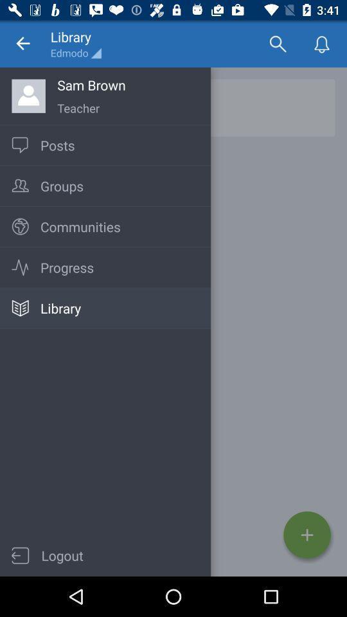 The height and width of the screenshot is (617, 347). Describe the element at coordinates (307, 535) in the screenshot. I see `the add icon which is at the bottom right of the page` at that location.